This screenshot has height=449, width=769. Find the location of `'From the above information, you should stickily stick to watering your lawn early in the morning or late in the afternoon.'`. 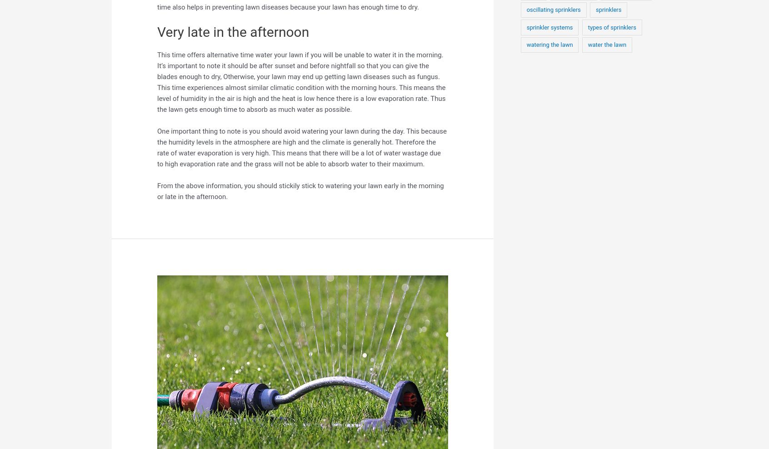

'From the above information, you should stickily stick to watering your lawn early in the morning or late in the afternoon.' is located at coordinates (300, 190).